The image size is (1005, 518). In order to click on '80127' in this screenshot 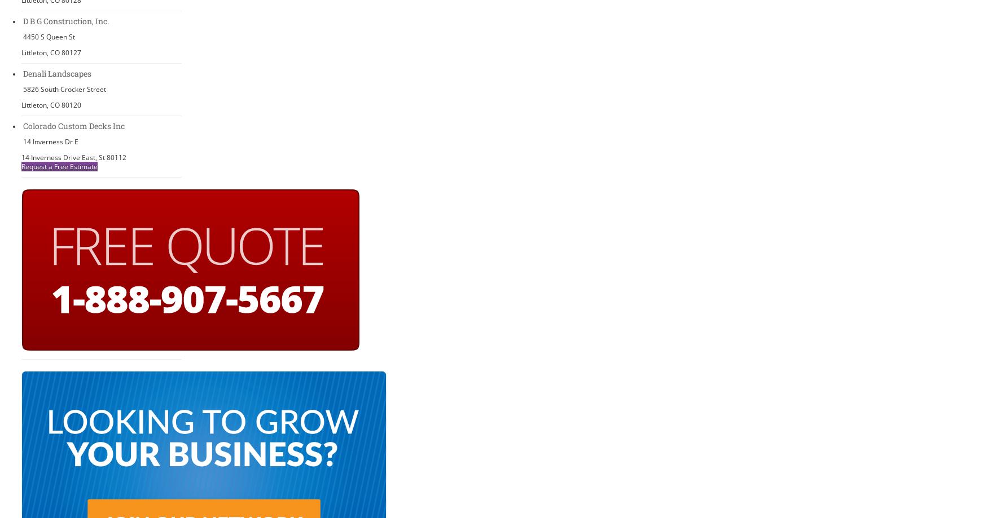, I will do `click(71, 52)`.